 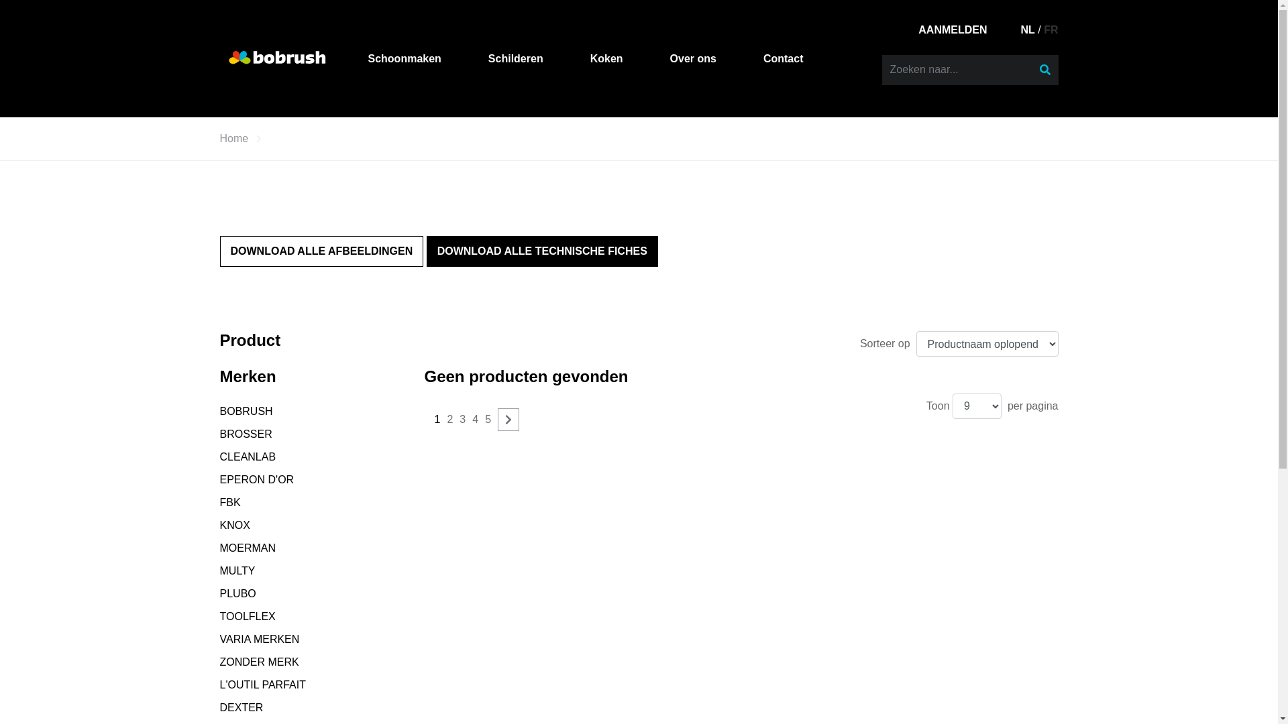 I want to click on 'MOERMAN', so click(x=248, y=548).